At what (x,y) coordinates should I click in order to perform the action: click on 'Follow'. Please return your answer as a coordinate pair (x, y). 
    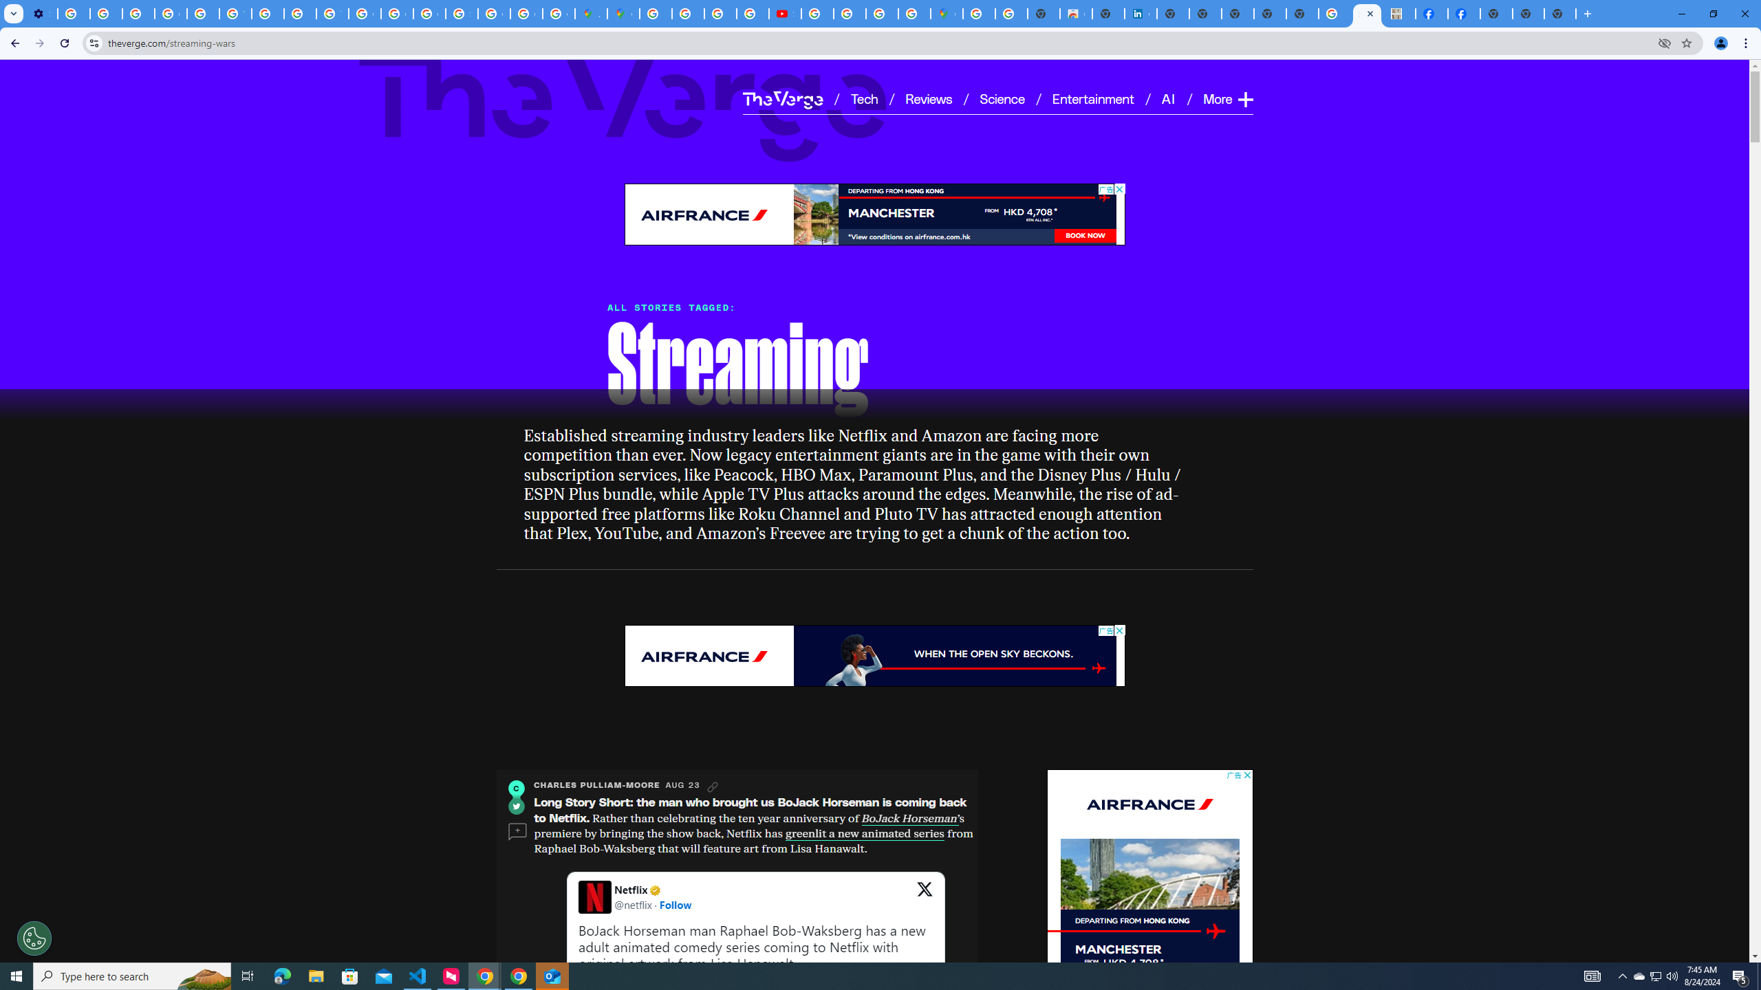
    Looking at the image, I should click on (675, 903).